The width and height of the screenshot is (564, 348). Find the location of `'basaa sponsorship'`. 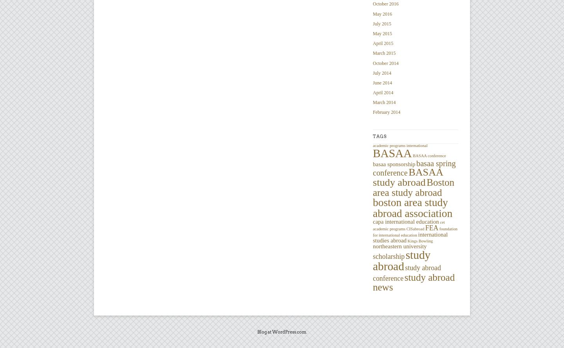

'basaa sponsorship' is located at coordinates (393, 163).